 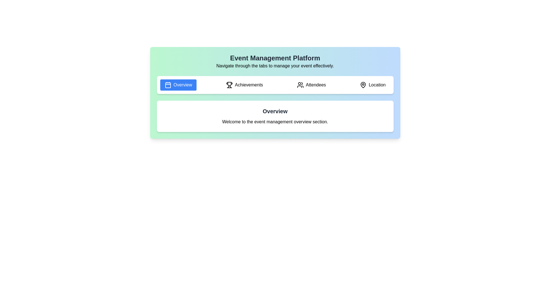 I want to click on the 'Achievements' text label in the navigation bar, so click(x=248, y=85).